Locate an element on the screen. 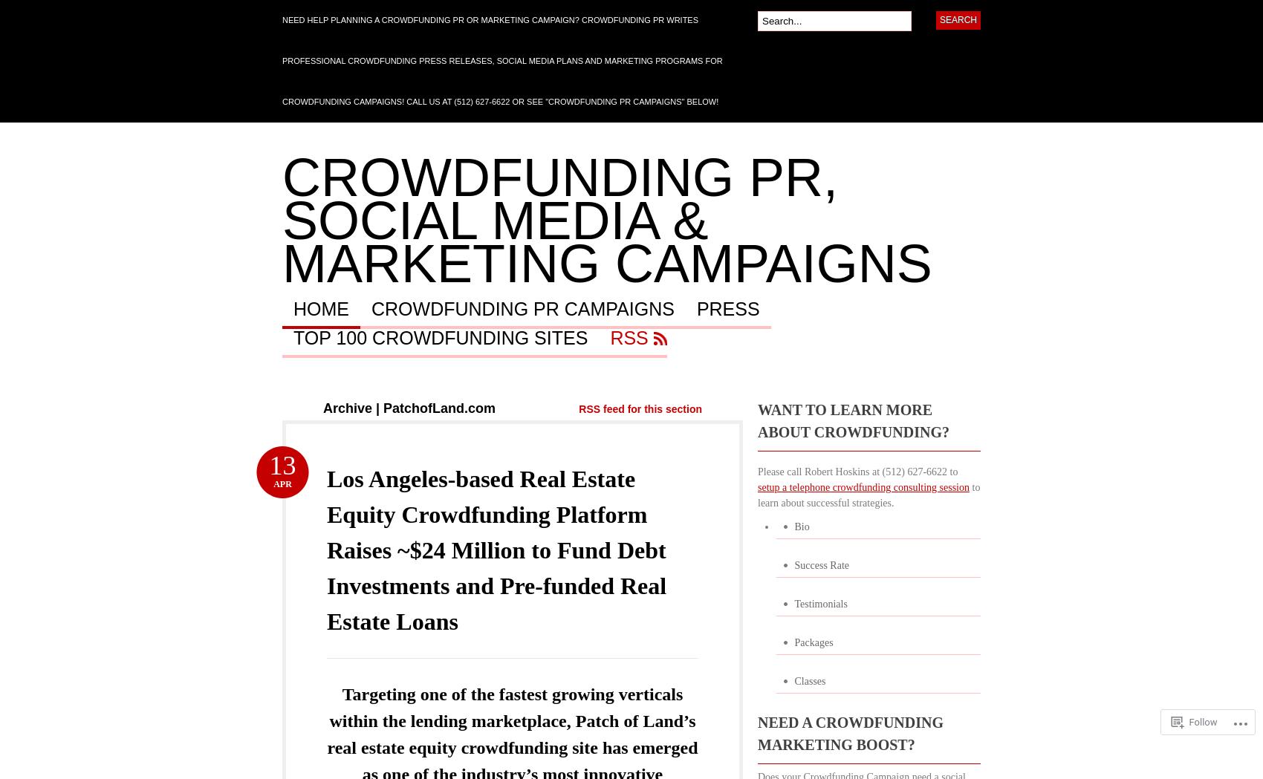 The height and width of the screenshot is (779, 1263). '13' is located at coordinates (281, 465).